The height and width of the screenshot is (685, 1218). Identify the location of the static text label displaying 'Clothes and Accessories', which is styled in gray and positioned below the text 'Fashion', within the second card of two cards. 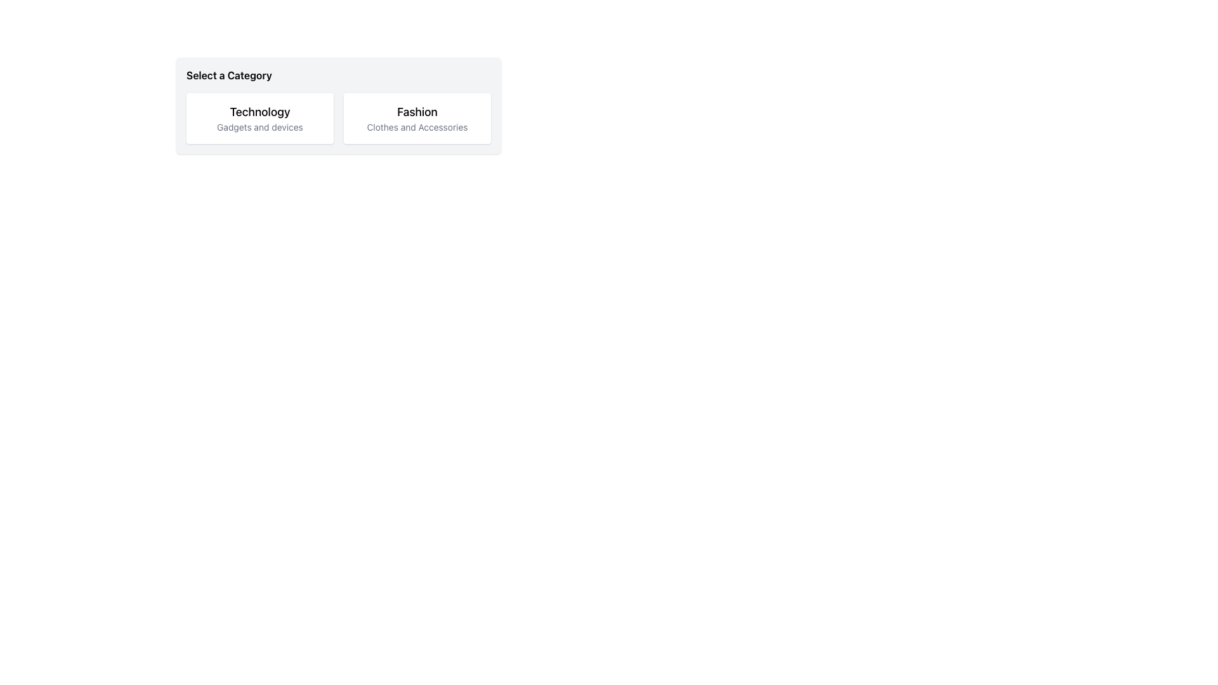
(417, 127).